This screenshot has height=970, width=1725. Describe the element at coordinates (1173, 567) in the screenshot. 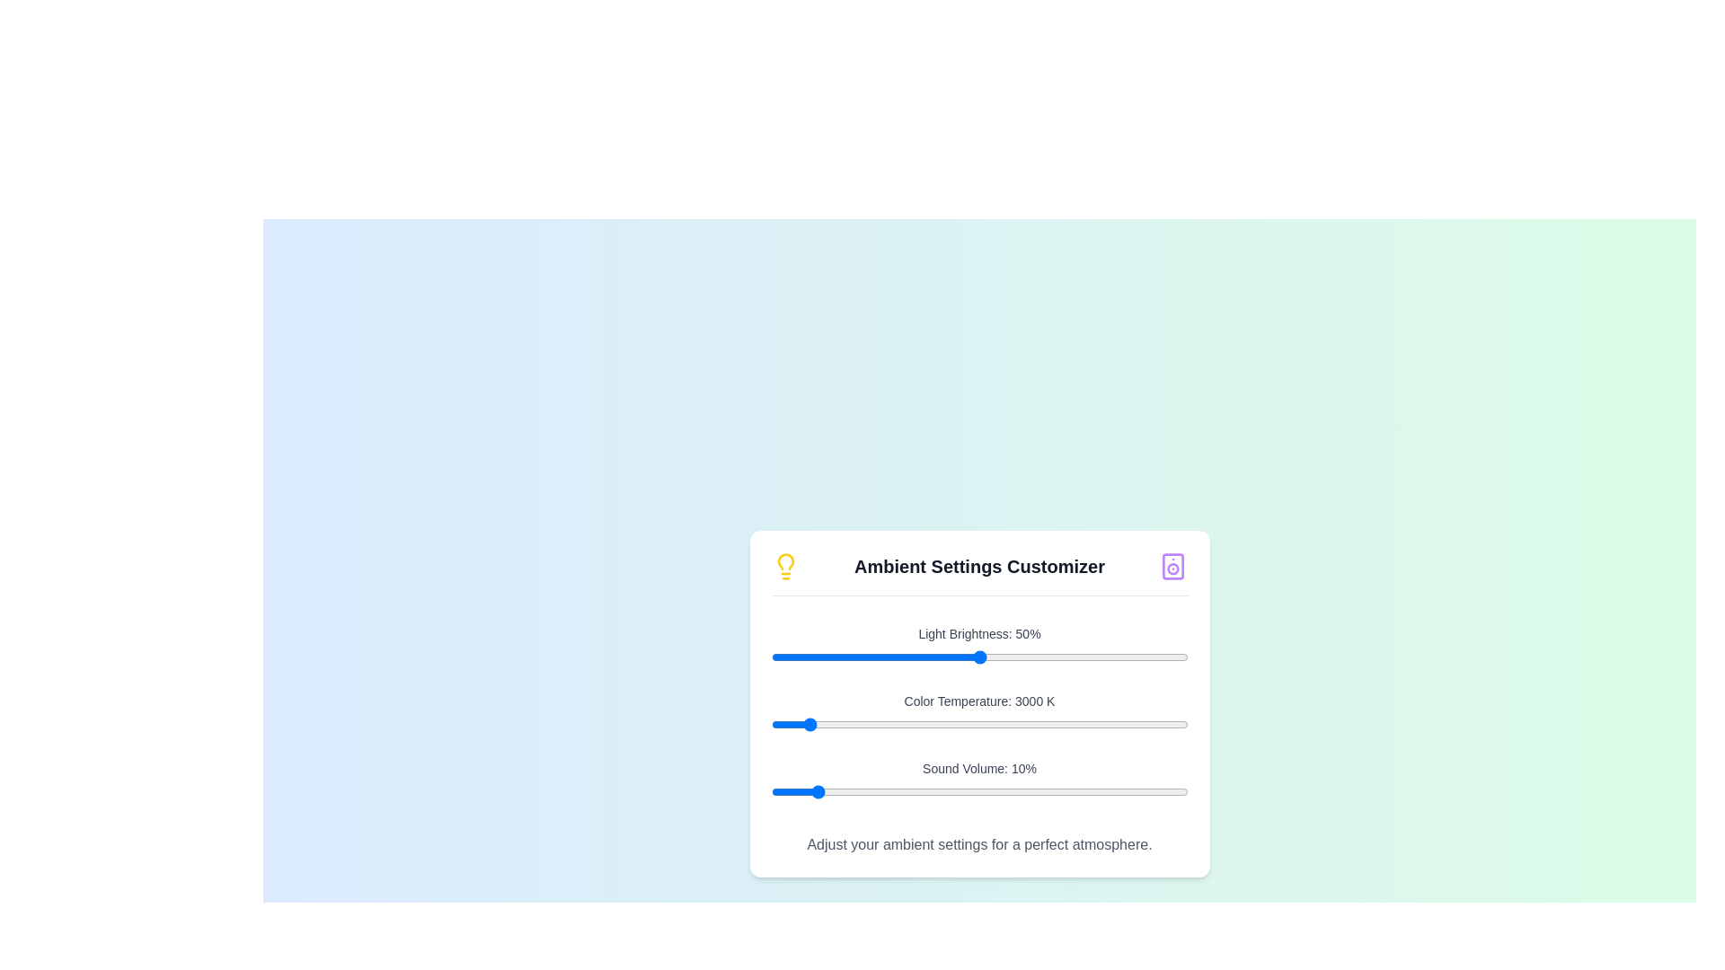

I see `properties of the outer rectangular SVG element that serves as the background of the speaker icon located at the top-right corner of the 'Ambient Settings Customizer' card` at that location.